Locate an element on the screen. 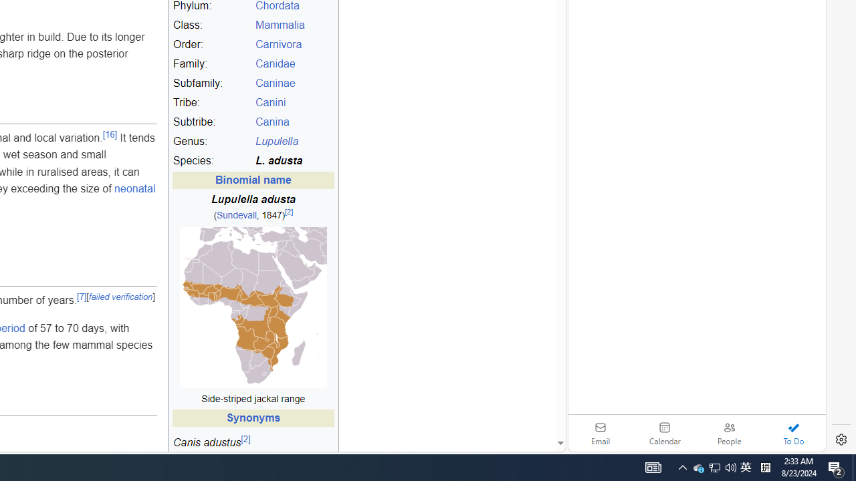 Image resolution: width=856 pixels, height=481 pixels. 'Mammalia' is located at coordinates (294, 25).